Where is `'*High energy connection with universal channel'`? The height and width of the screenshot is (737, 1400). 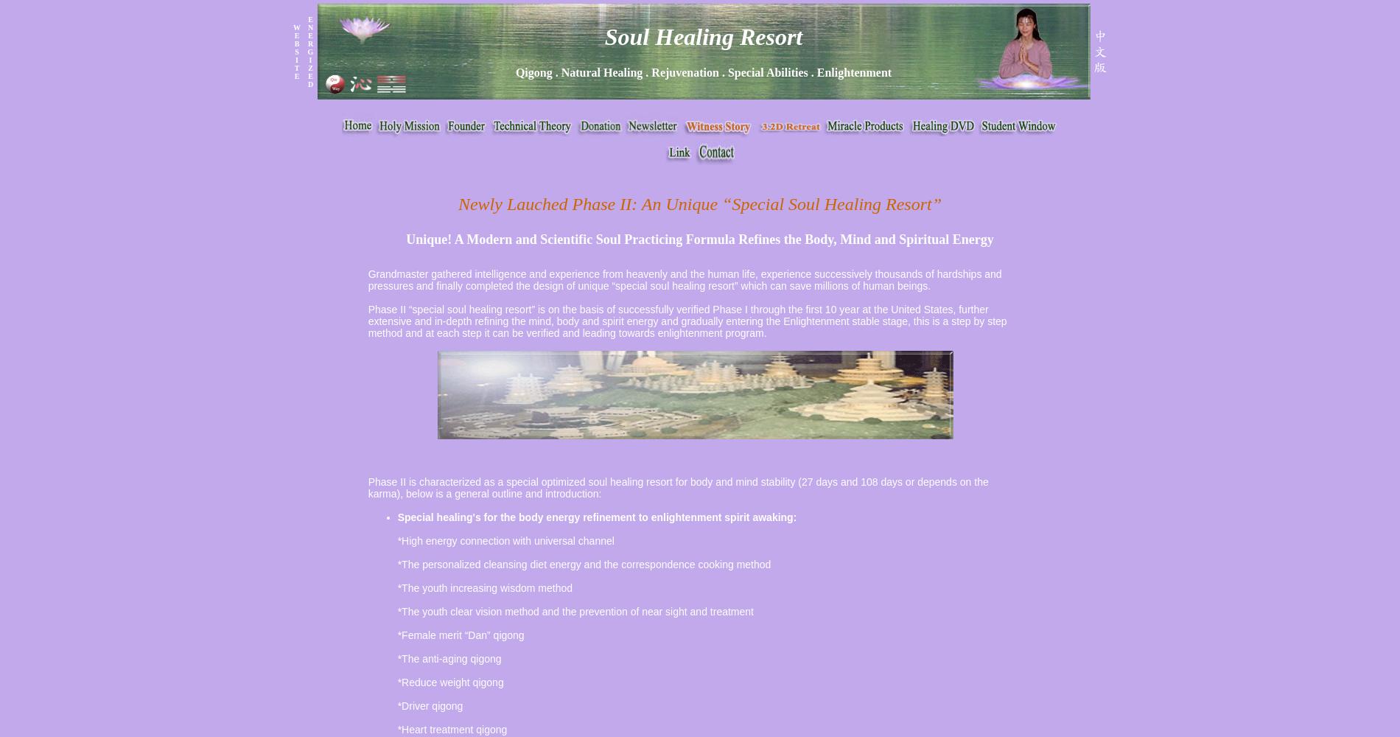
'*High energy connection with universal channel' is located at coordinates (397, 540).